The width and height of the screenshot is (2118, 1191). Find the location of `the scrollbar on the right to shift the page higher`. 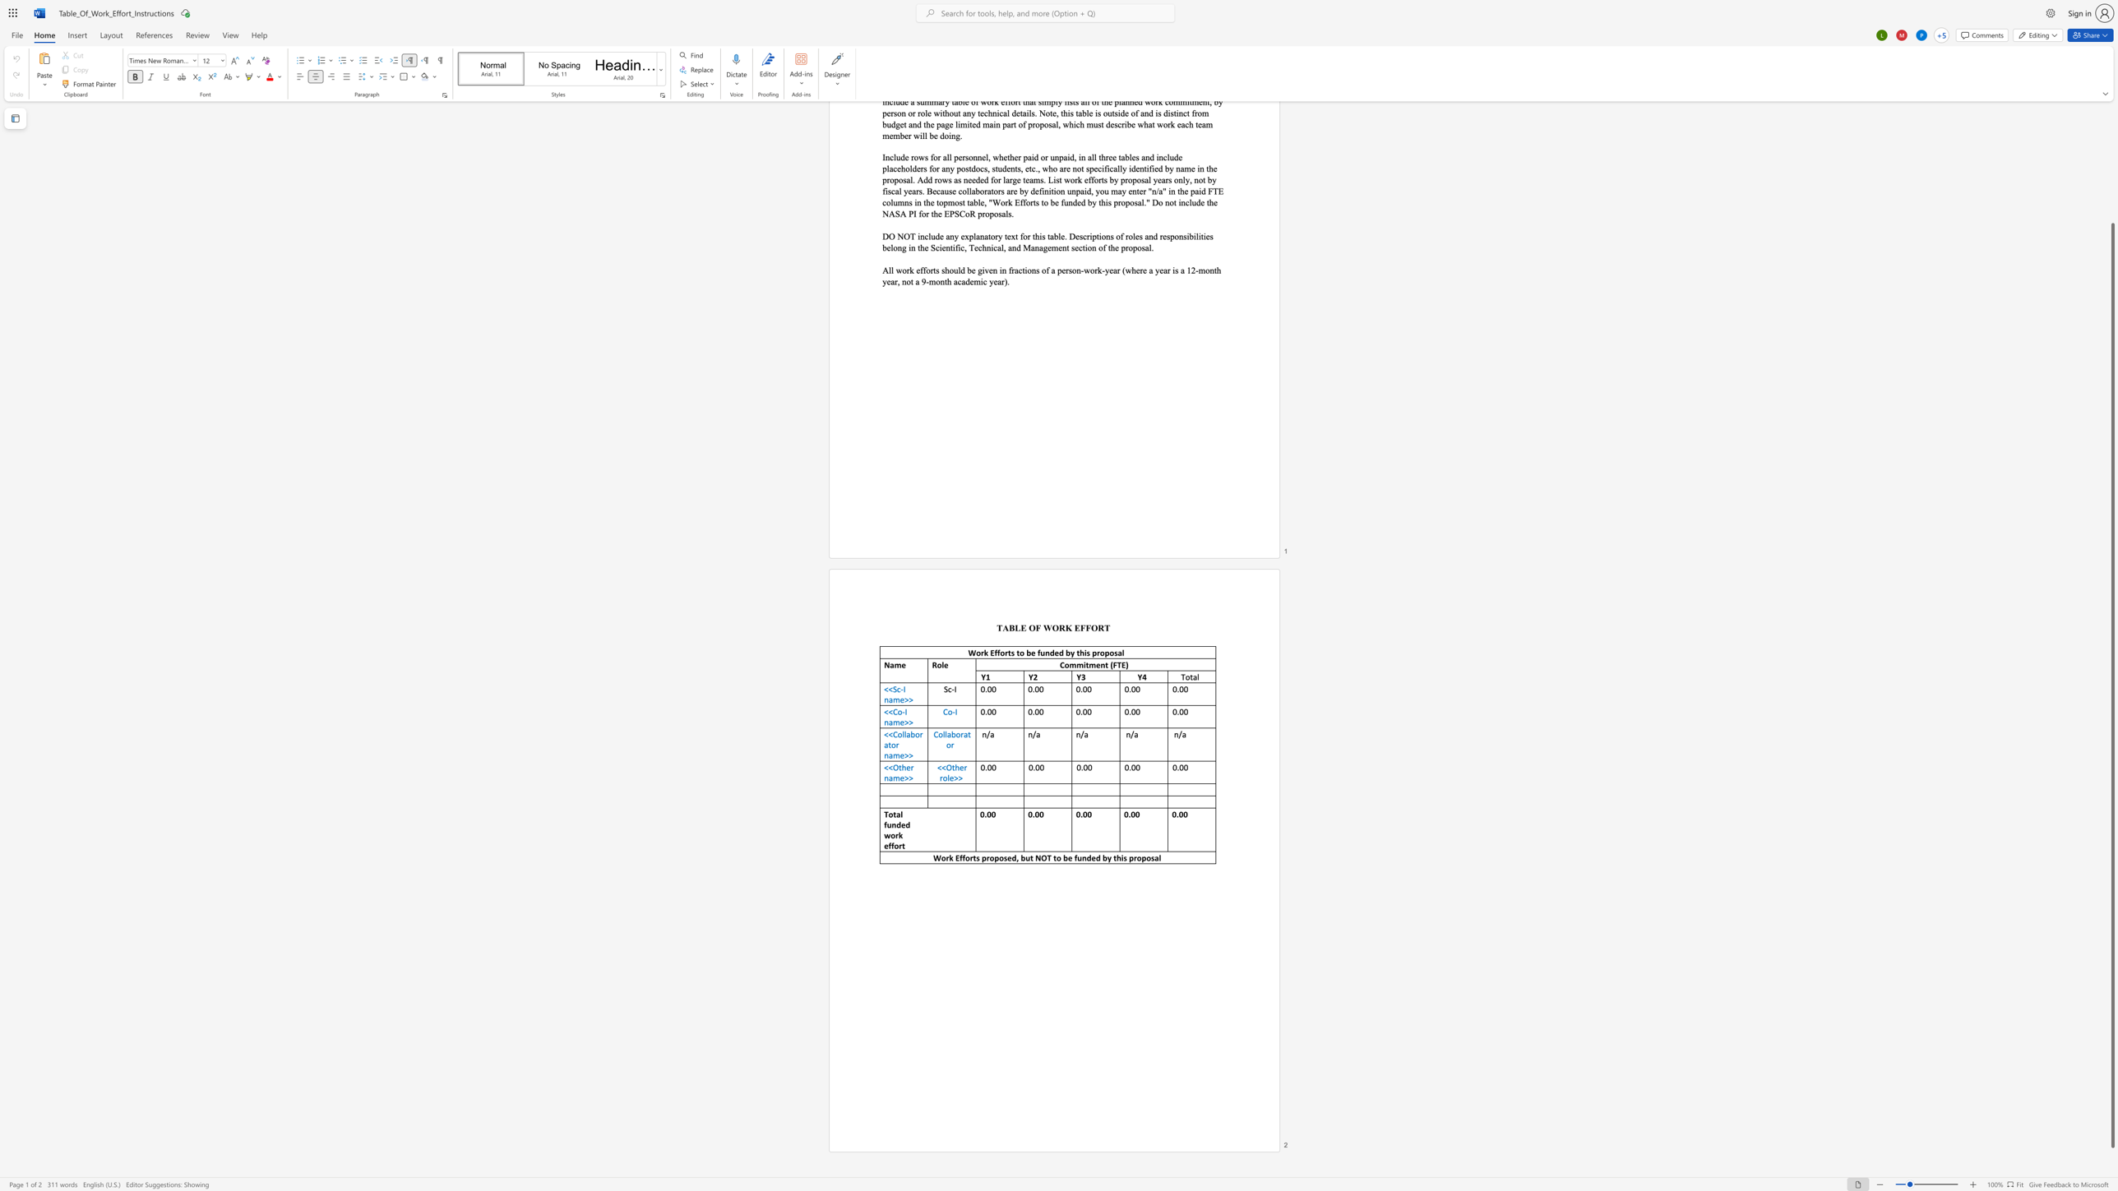

the scrollbar on the right to shift the page higher is located at coordinates (2111, 198).